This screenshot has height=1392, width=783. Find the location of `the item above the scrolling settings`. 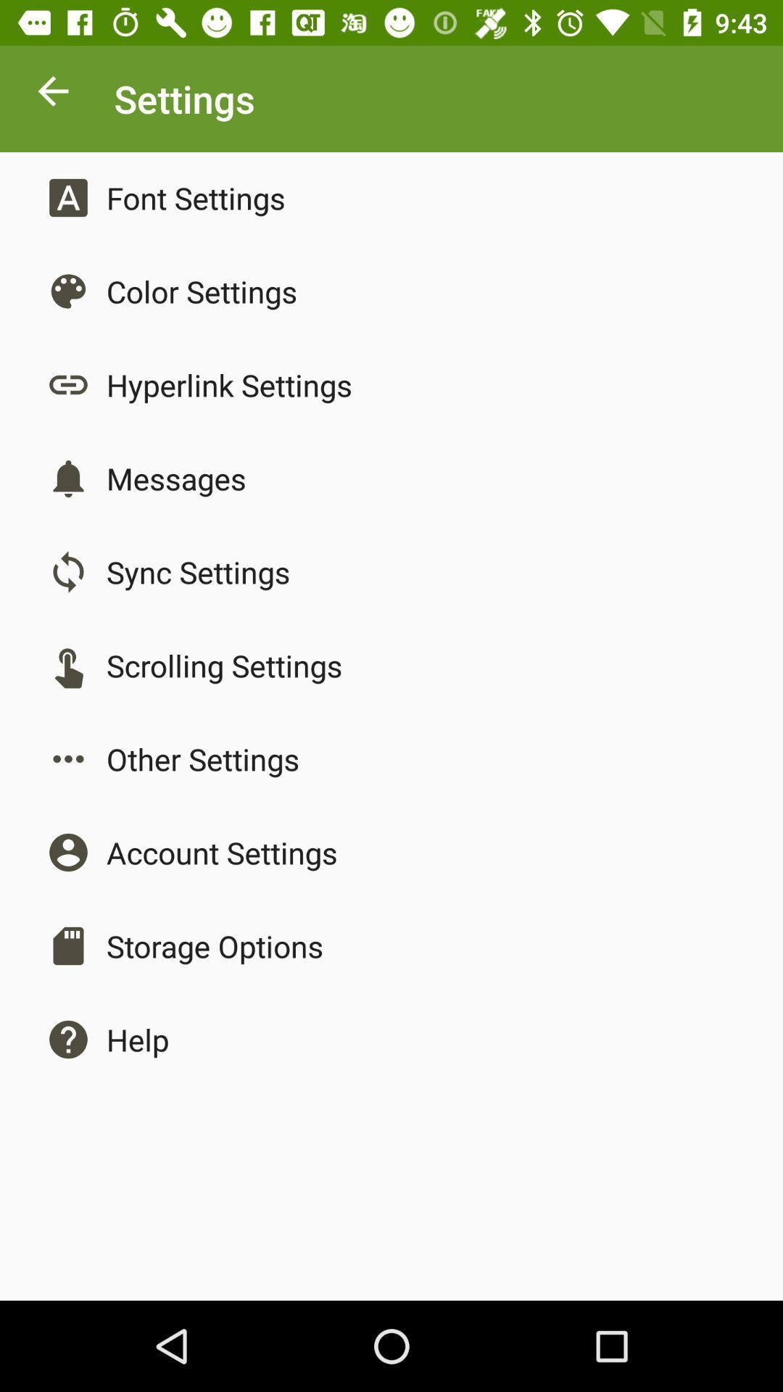

the item above the scrolling settings is located at coordinates (198, 571).